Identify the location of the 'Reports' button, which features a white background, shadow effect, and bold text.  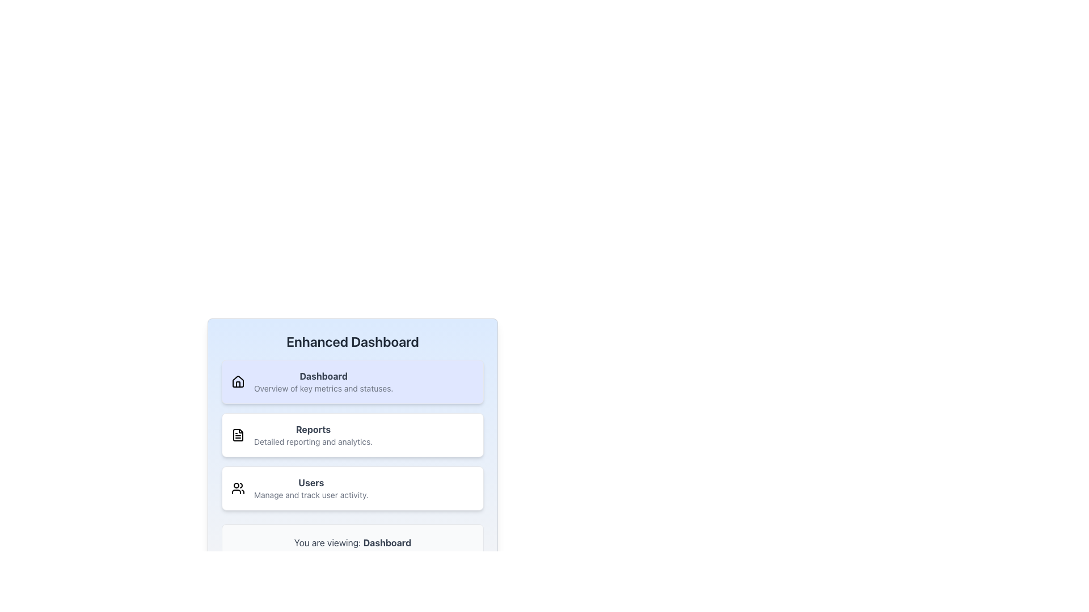
(352, 447).